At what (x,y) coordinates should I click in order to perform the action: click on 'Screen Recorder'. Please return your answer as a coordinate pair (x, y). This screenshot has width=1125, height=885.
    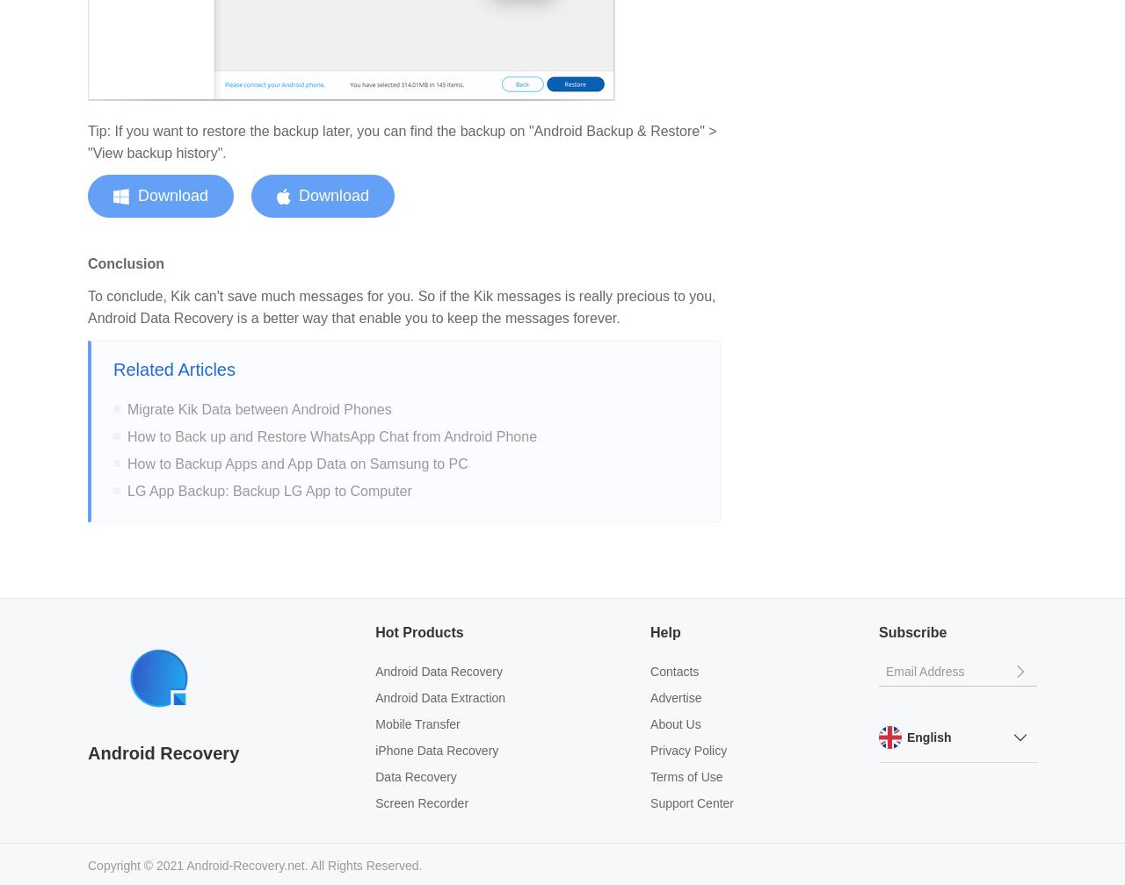
    Looking at the image, I should click on (422, 802).